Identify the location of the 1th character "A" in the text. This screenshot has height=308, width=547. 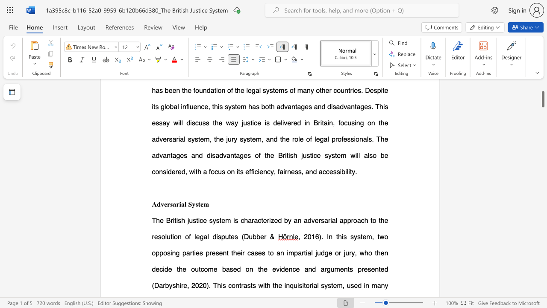
(154, 204).